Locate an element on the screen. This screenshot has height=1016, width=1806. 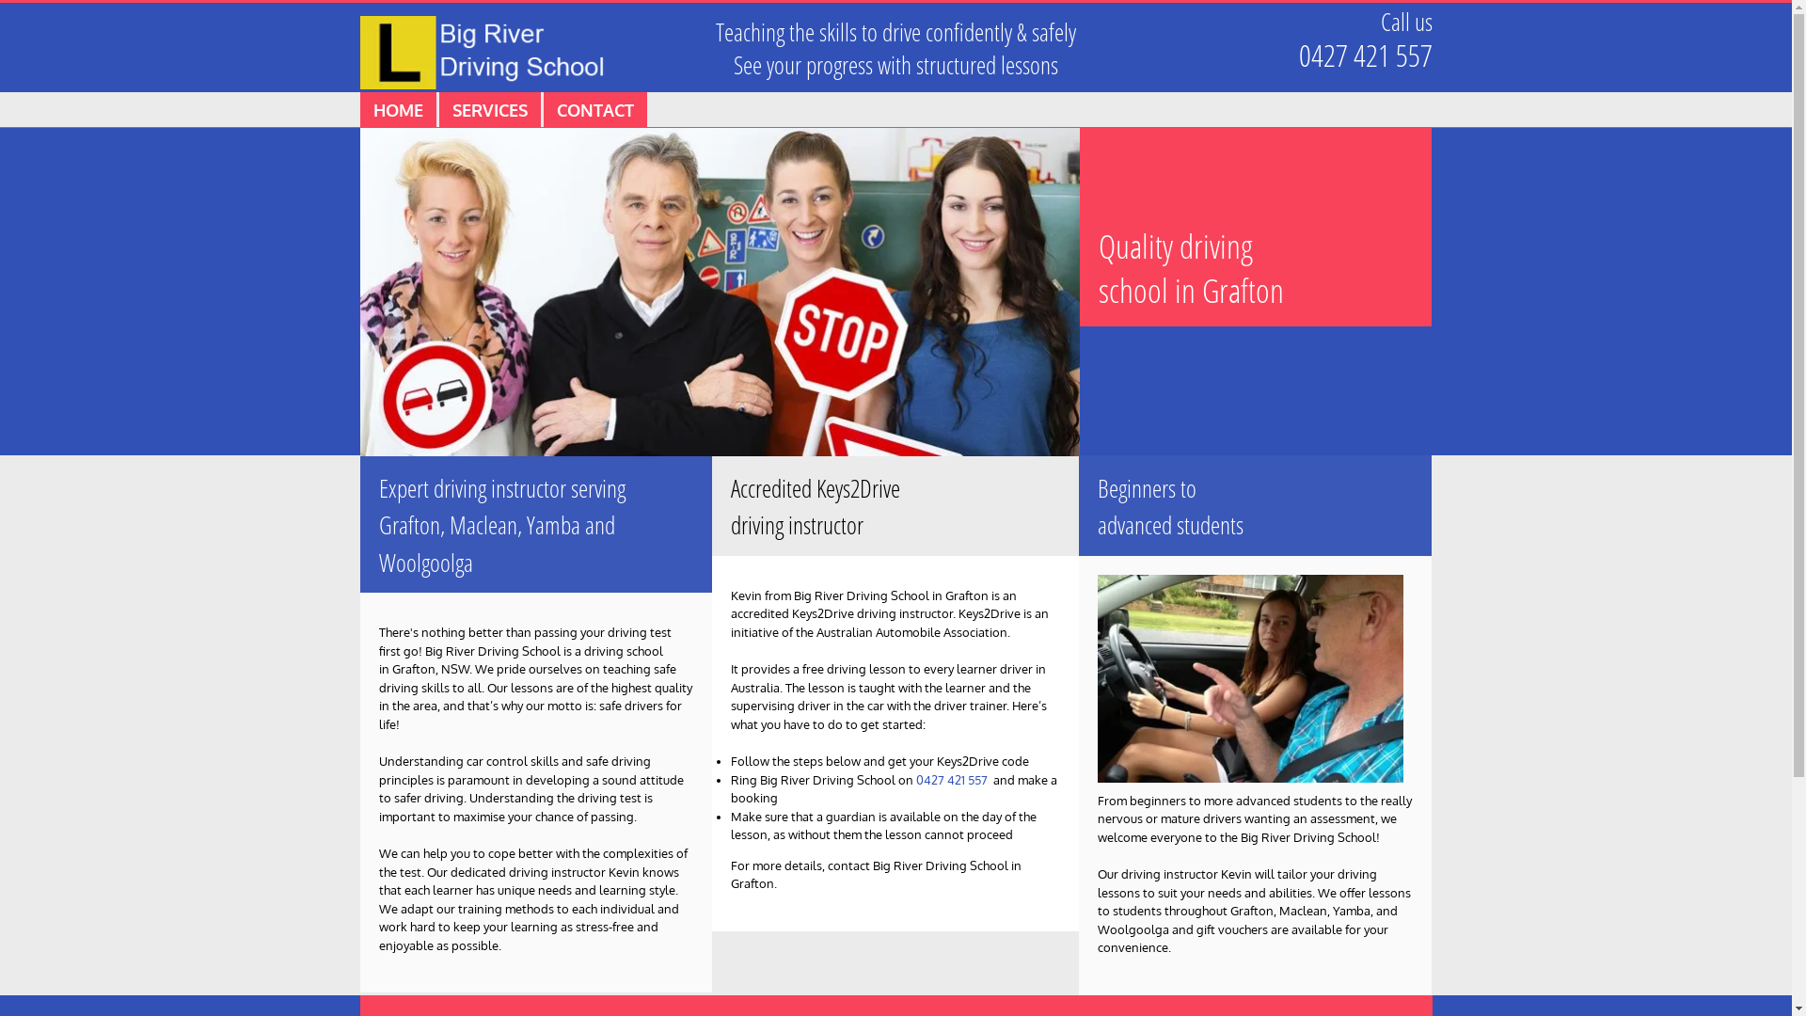
'0427 421 557' is located at coordinates (952, 780).